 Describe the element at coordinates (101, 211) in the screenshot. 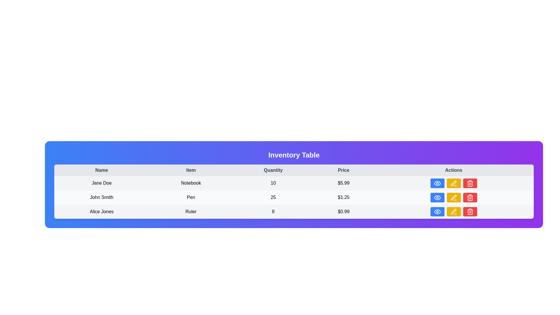

I see `the static text displaying the name 'Alice Jones' in the leftmost cell of the bottom row of the table layout` at that location.